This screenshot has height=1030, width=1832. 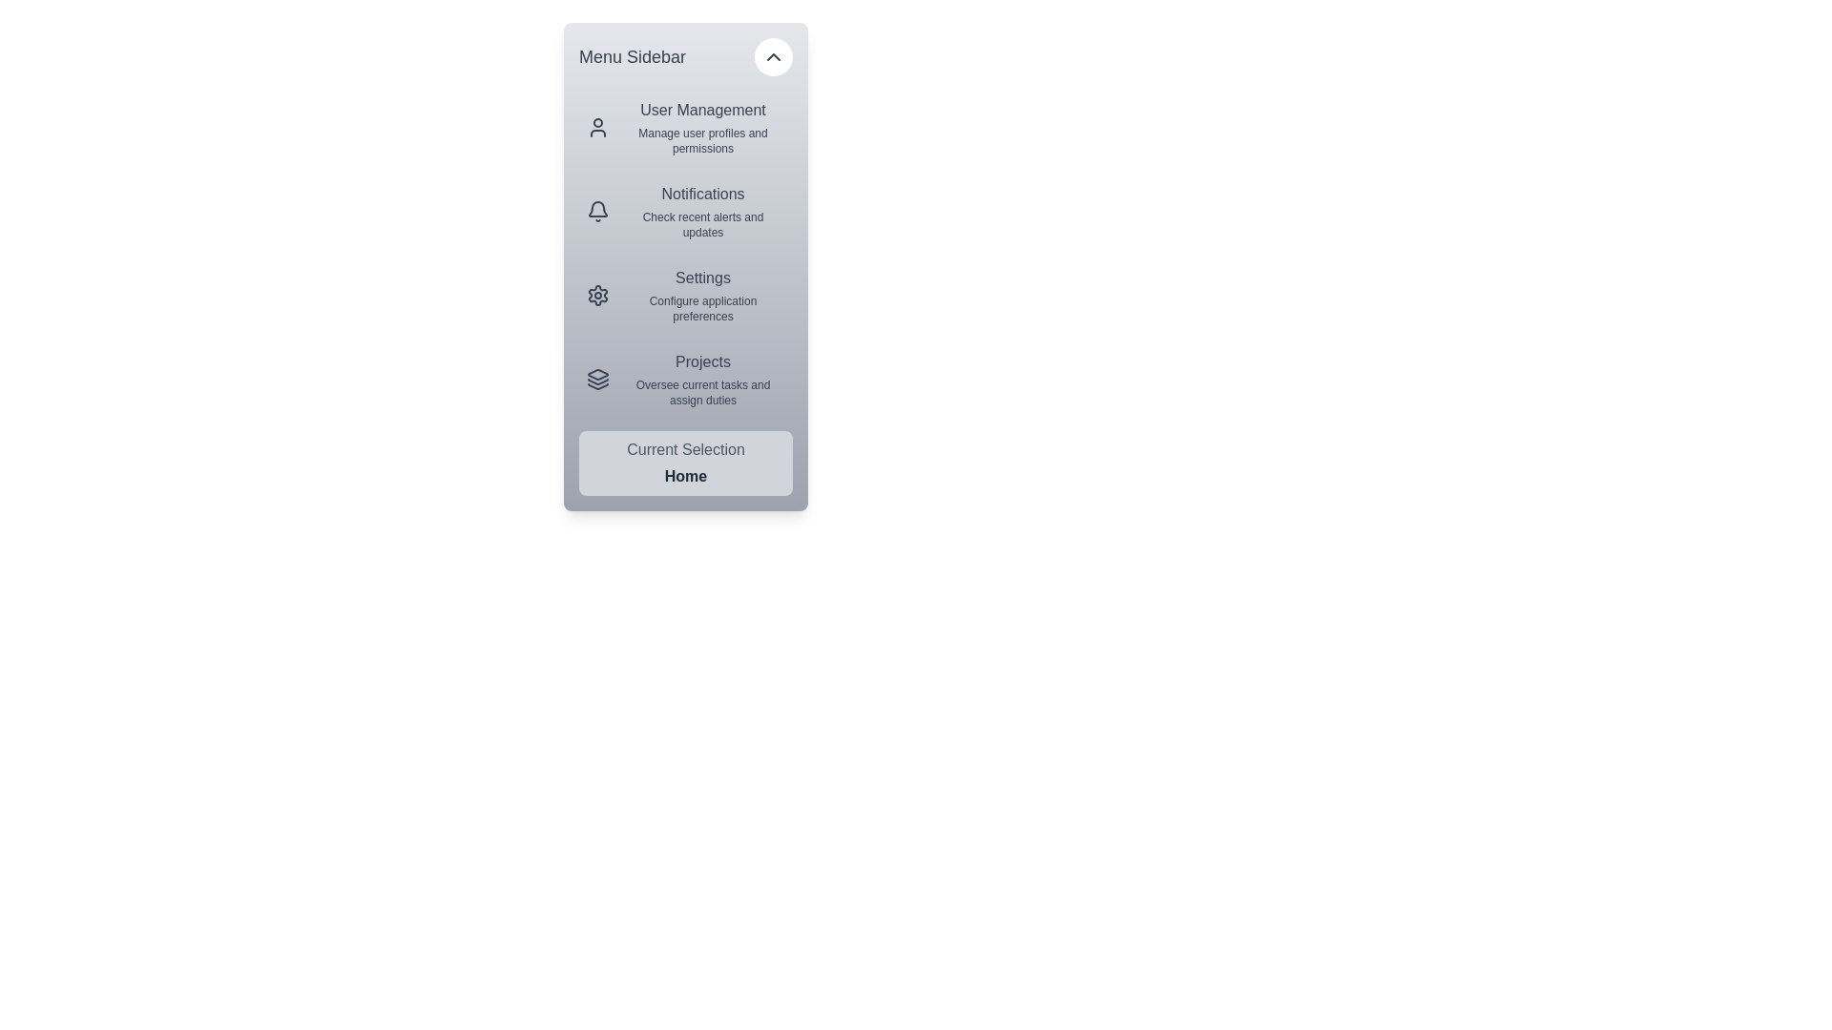 What do you see at coordinates (702, 392) in the screenshot?
I see `the descriptive subtitle text located in the side navigation menu below the 'Projects' heading and above the 'Current Selection' section` at bounding box center [702, 392].